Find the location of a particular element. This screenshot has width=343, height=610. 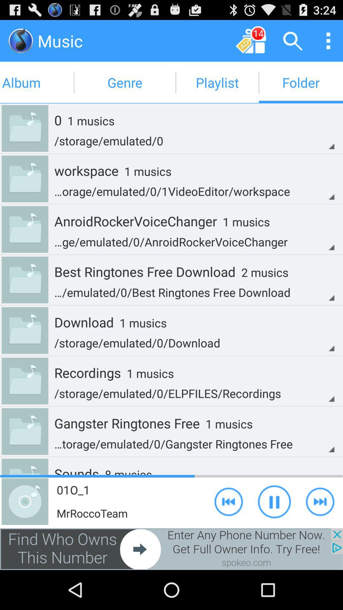

the skip_next icon is located at coordinates (320, 536).